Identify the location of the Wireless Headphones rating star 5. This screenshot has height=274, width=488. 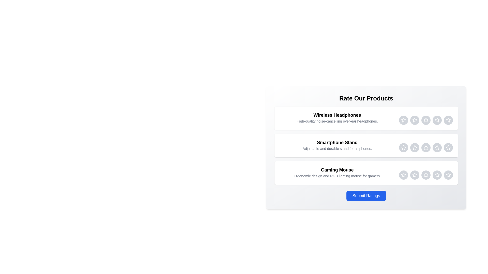
(448, 120).